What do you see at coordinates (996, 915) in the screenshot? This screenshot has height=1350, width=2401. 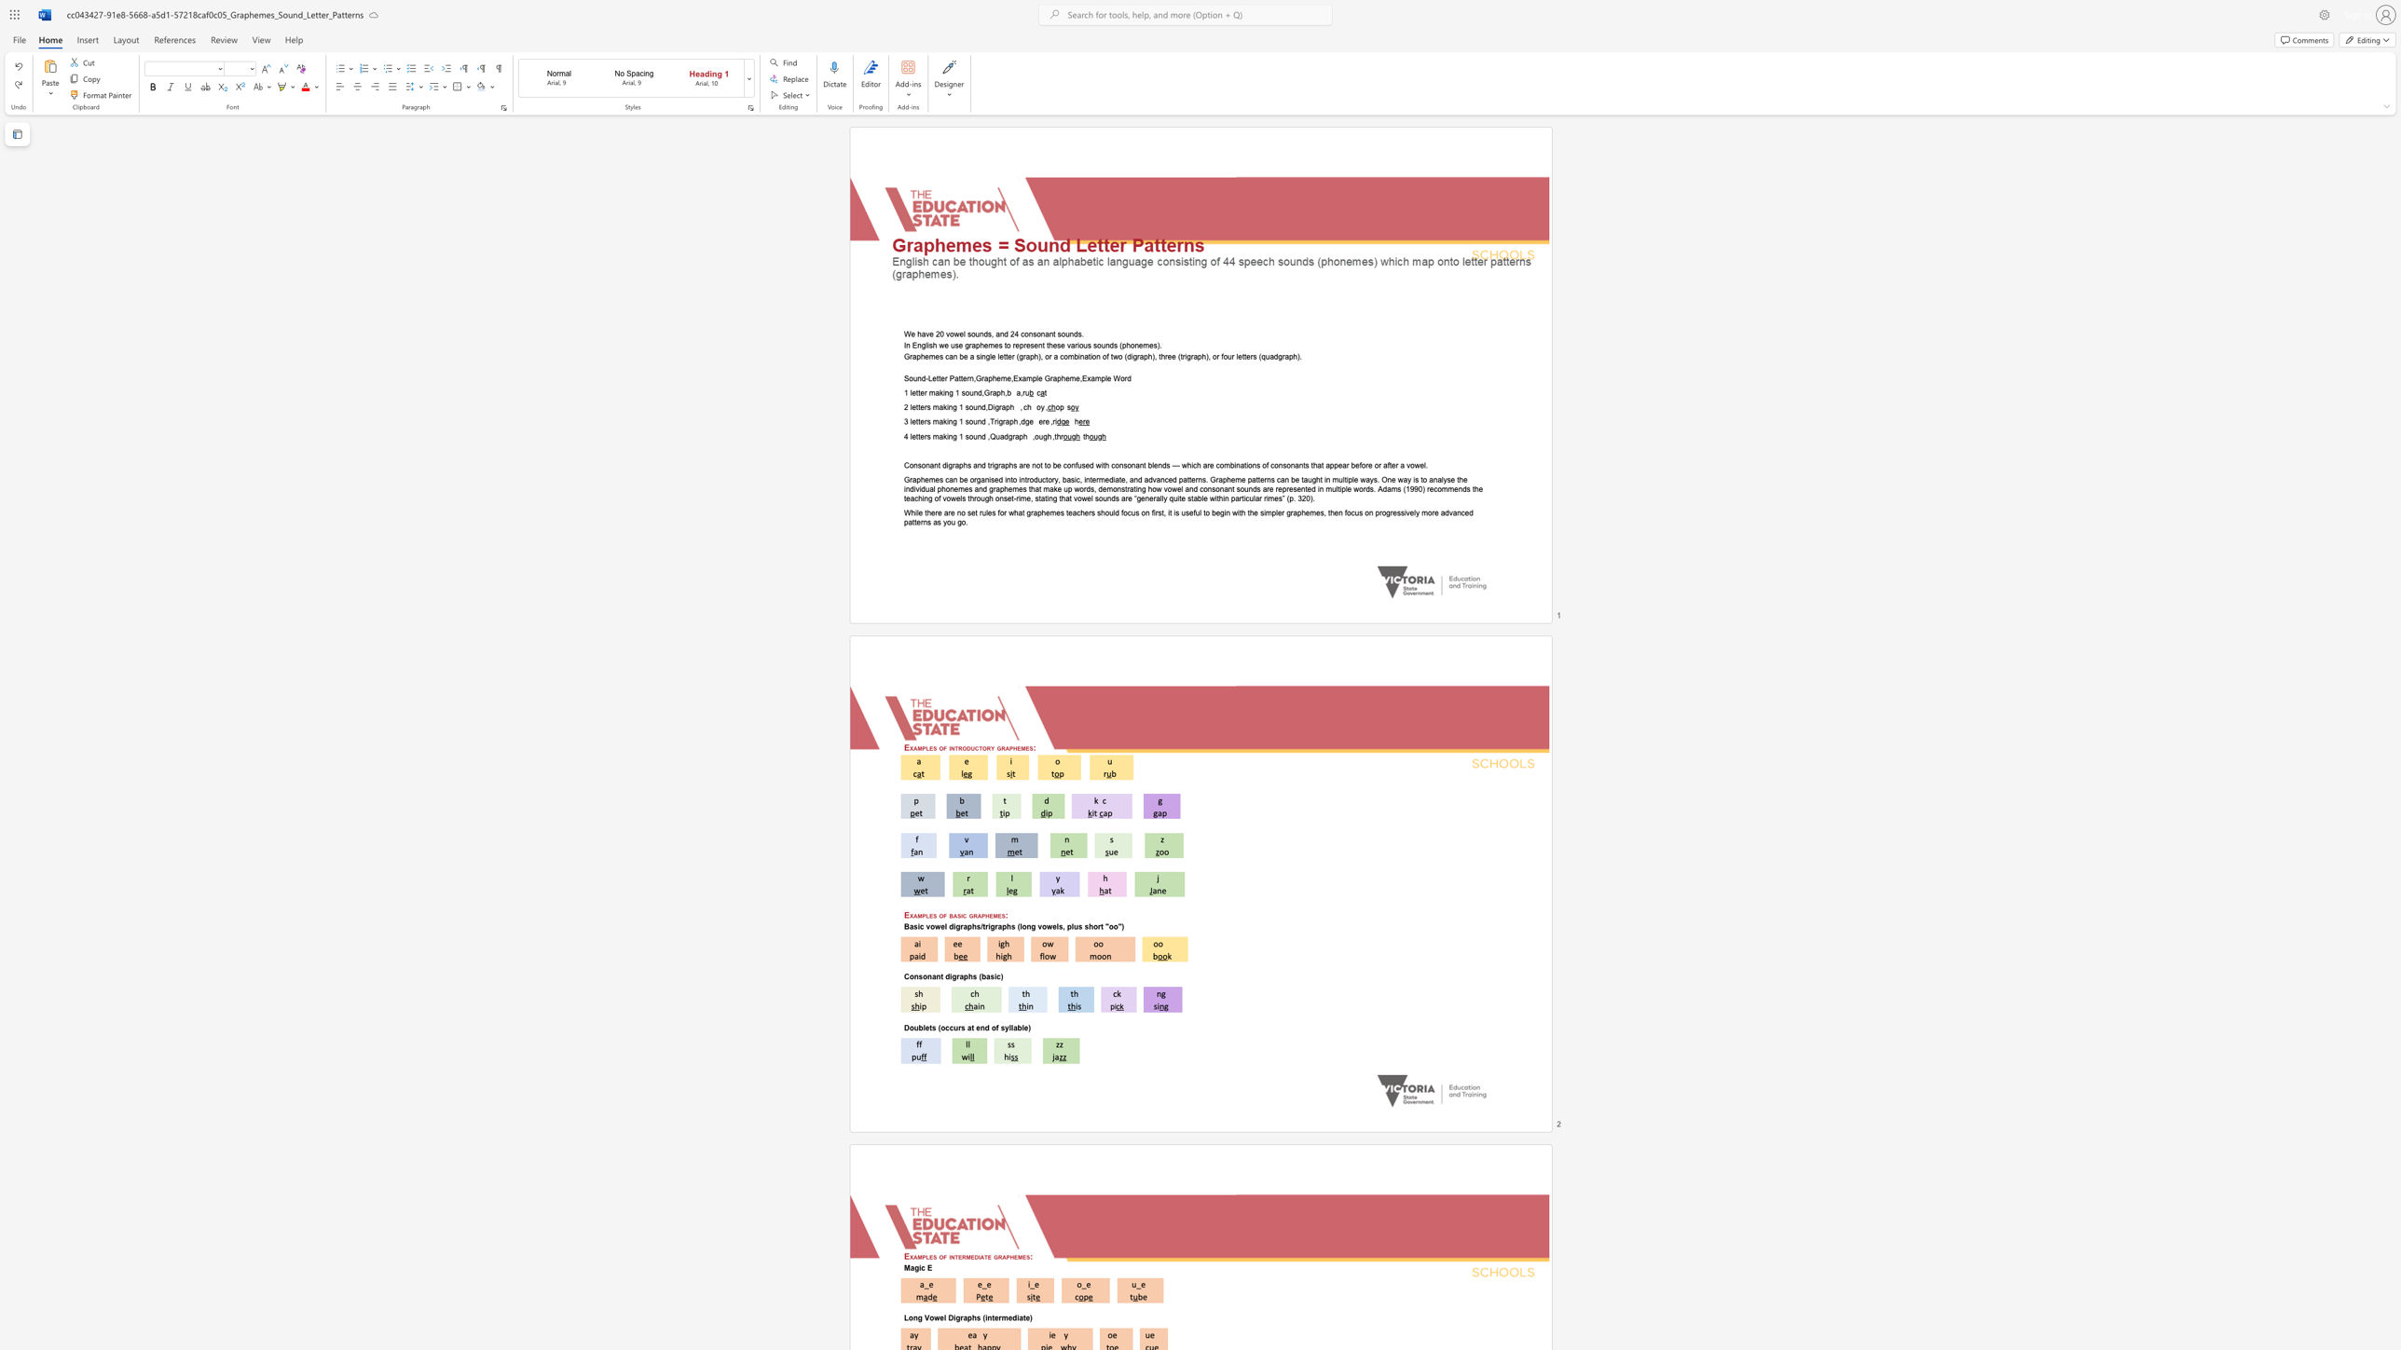 I see `the space between the continuous character "m" and "e" in the text` at bounding box center [996, 915].